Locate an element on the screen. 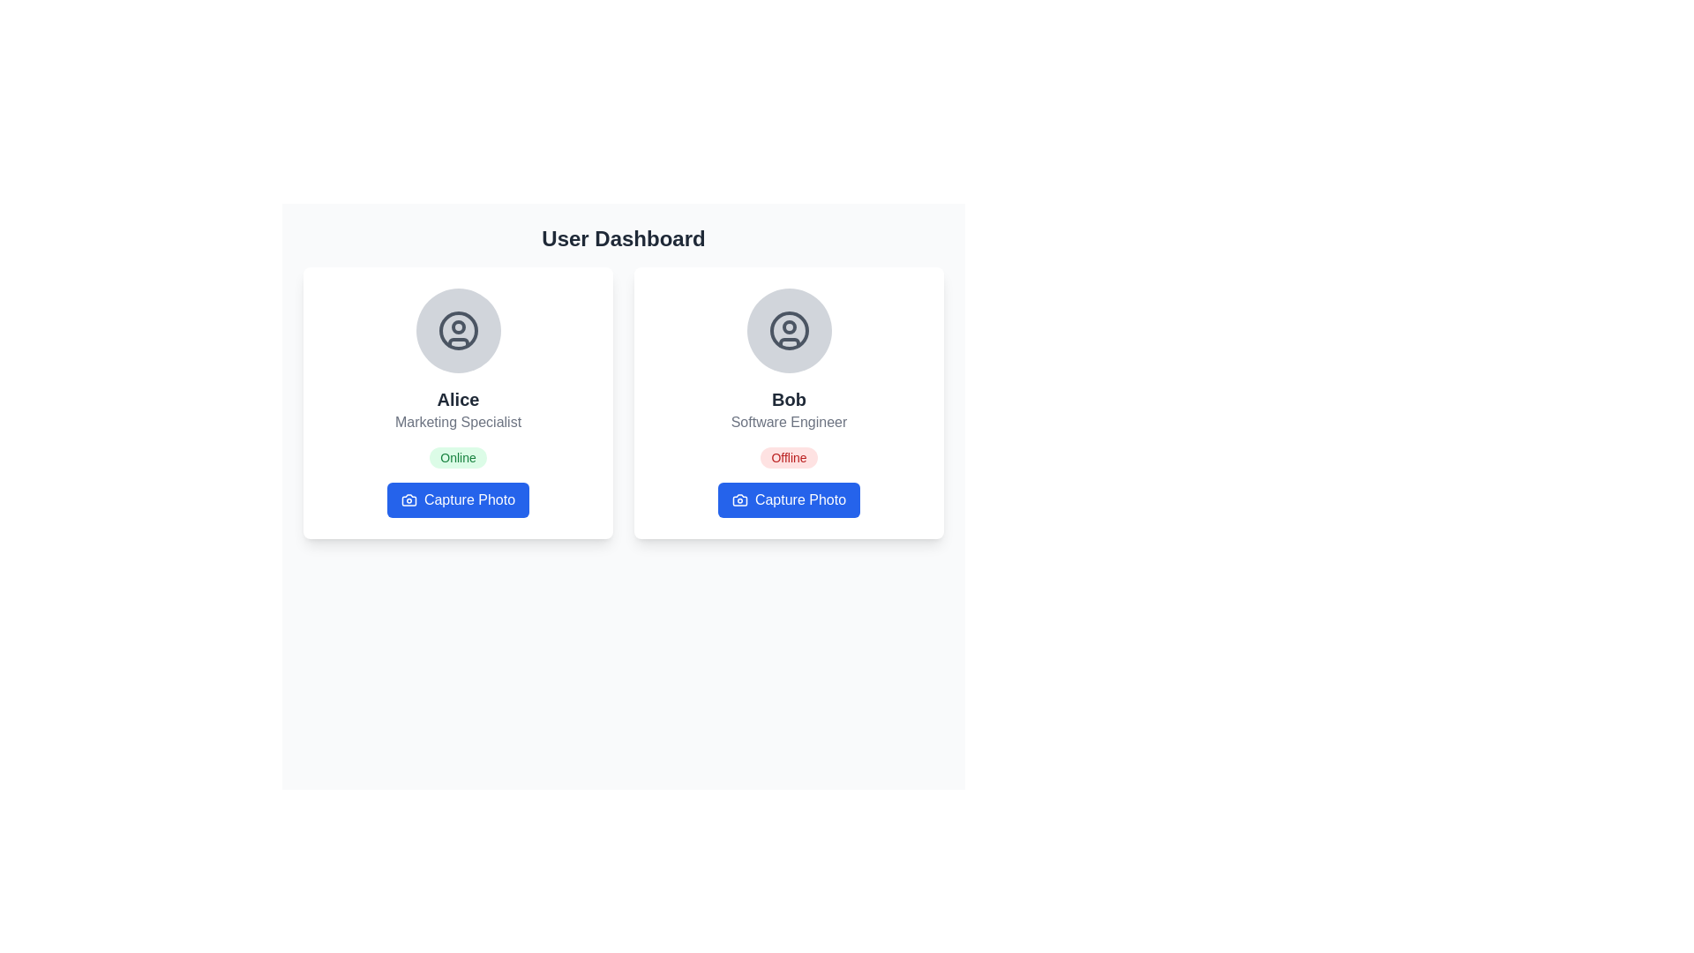  the camera icon located within the blue 'Capture Photo' button, positioned below the 'Alice' card in the 'User Dashboard' is located at coordinates (408, 500).